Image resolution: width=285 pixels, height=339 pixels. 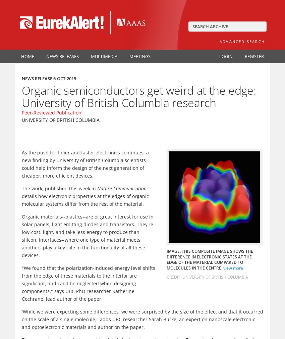 What do you see at coordinates (37, 78) in the screenshot?
I see `'News Release'` at bounding box center [37, 78].